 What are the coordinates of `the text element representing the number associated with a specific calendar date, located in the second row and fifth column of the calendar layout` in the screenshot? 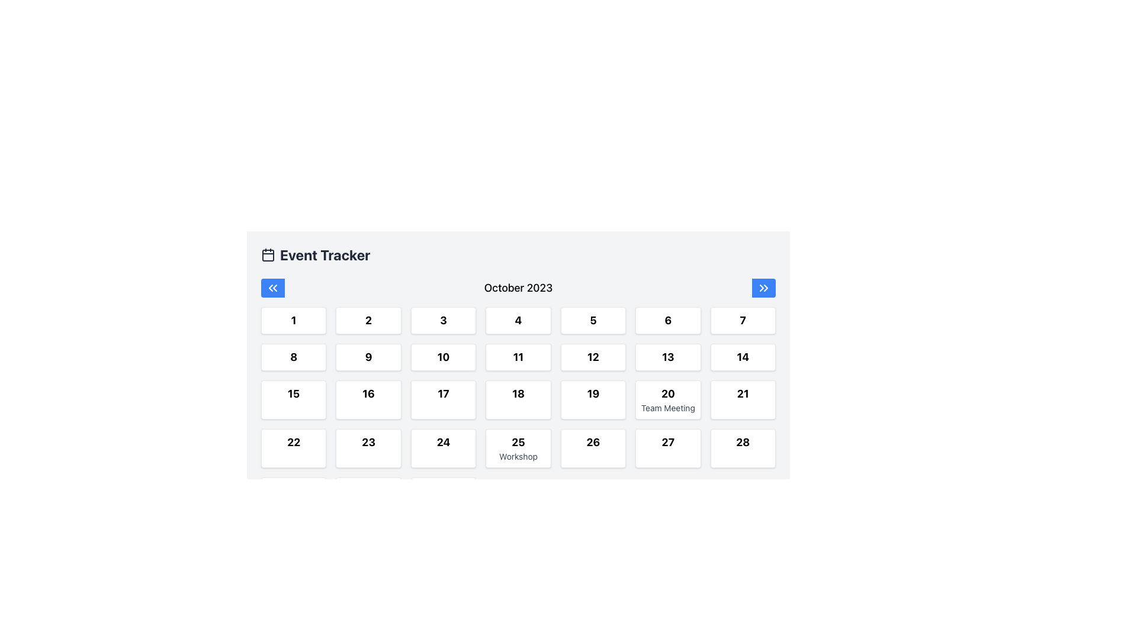 It's located at (593, 321).